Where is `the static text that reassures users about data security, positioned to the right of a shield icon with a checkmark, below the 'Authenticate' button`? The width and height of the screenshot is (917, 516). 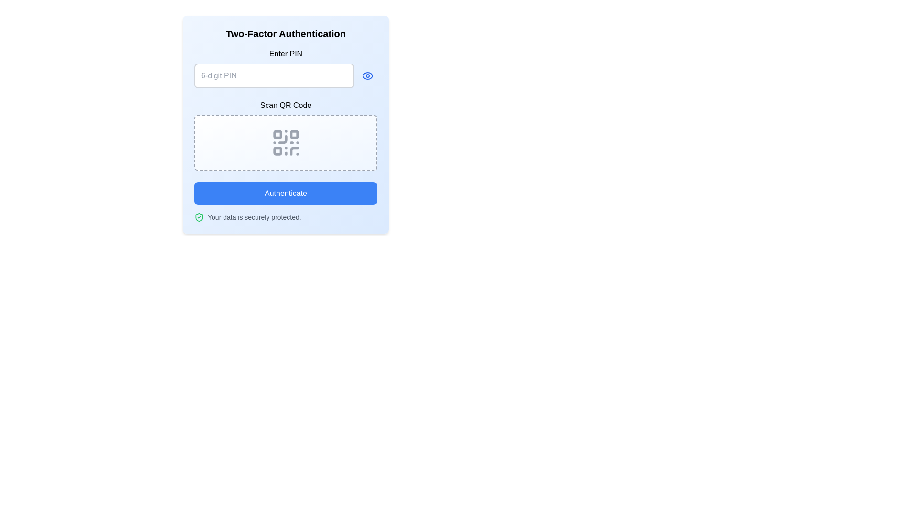
the static text that reassures users about data security, positioned to the right of a shield icon with a checkmark, below the 'Authenticate' button is located at coordinates (254, 217).